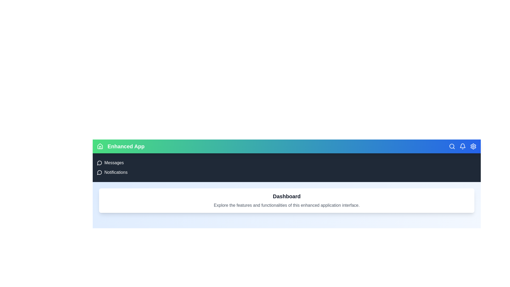 Image resolution: width=510 pixels, height=287 pixels. I want to click on the navigation button Search, so click(452, 146).